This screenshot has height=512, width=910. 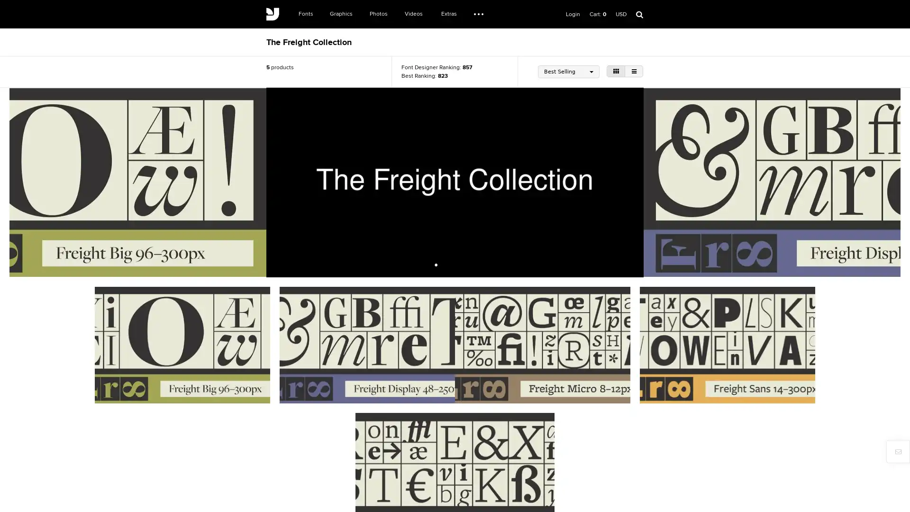 I want to click on Register, so click(x=554, y=502).